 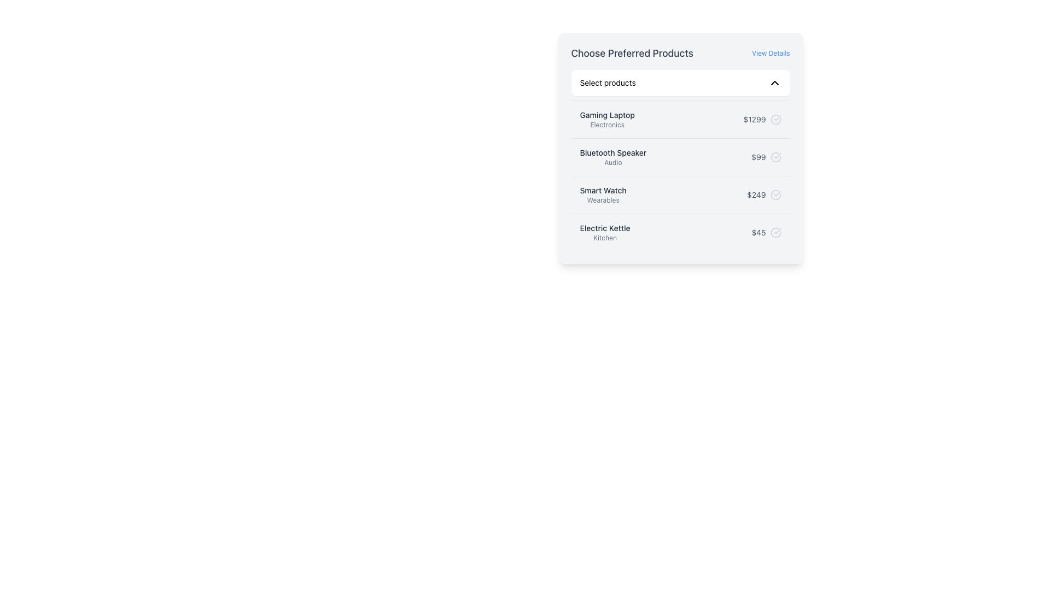 I want to click on the text label 'Electric Kettle' for reordering within the fourth product entry of the vertical list, so click(x=604, y=227).